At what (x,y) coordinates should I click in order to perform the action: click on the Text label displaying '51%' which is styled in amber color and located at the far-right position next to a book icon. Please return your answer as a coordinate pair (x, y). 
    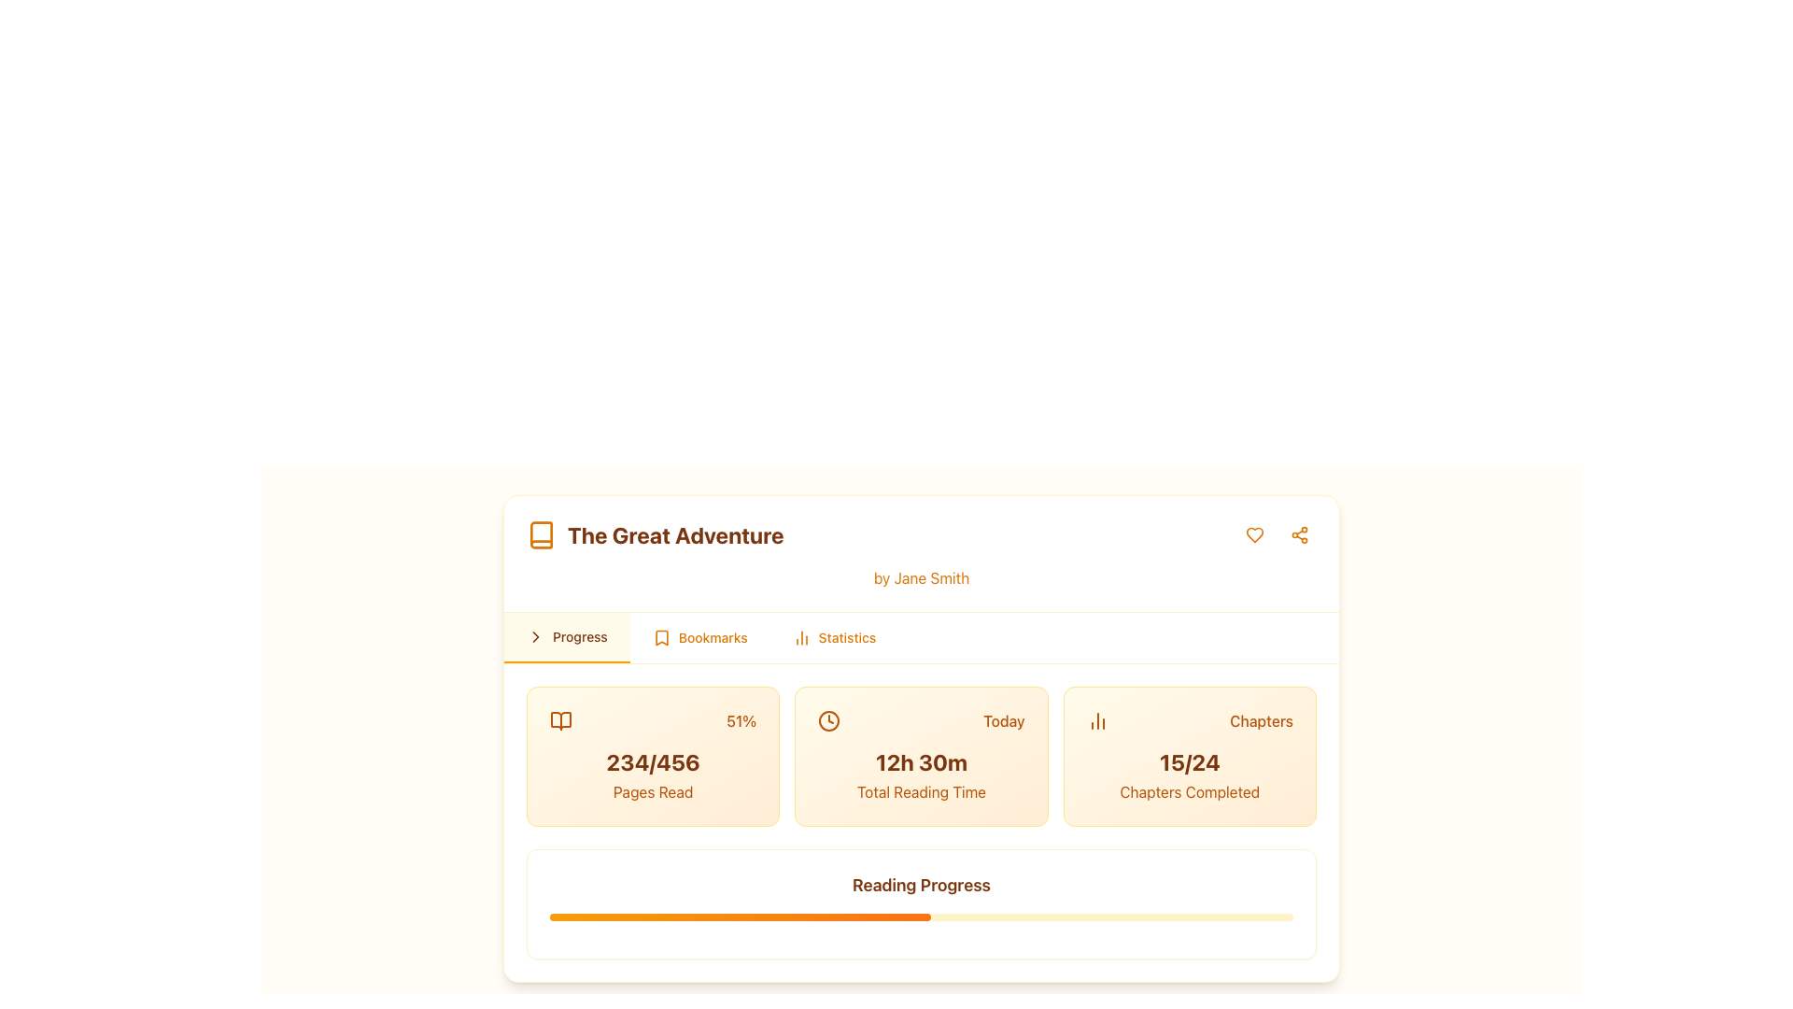
    Looking at the image, I should click on (741, 719).